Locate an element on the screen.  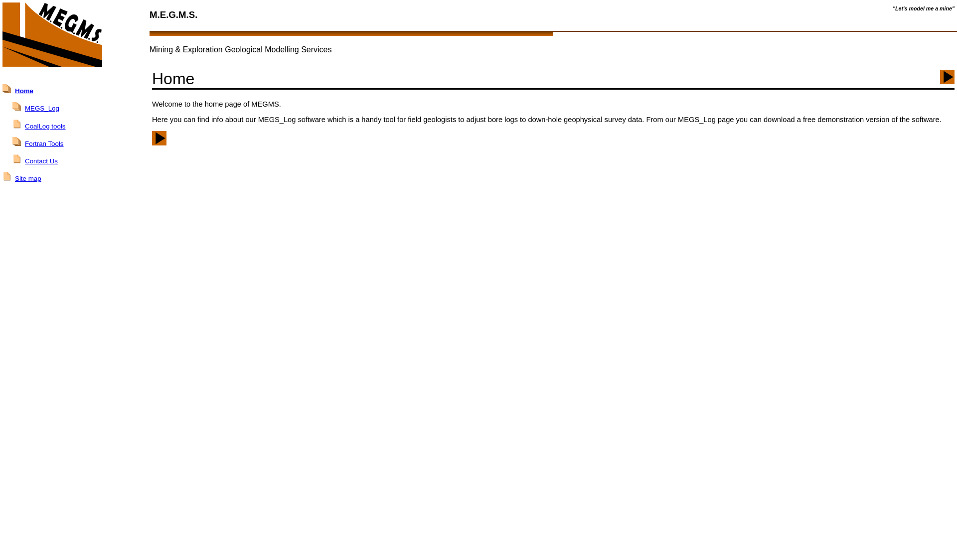
'Contact Us' is located at coordinates (40, 160).